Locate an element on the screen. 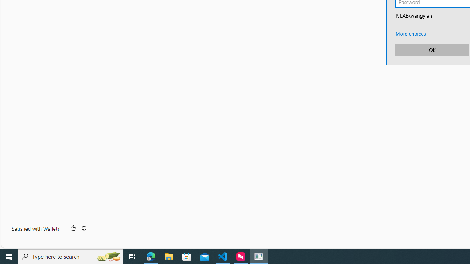 This screenshot has height=264, width=470. 'Credential Manager UI Host - 1 running window' is located at coordinates (259, 256).